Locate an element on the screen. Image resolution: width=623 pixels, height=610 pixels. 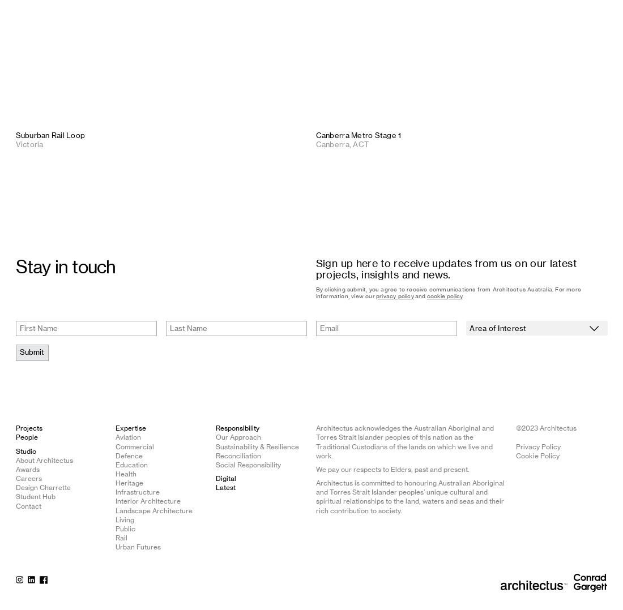
'By clicking submit, you agree to receive communications from Architectus Australia. For more information, view our' is located at coordinates (448, 293).